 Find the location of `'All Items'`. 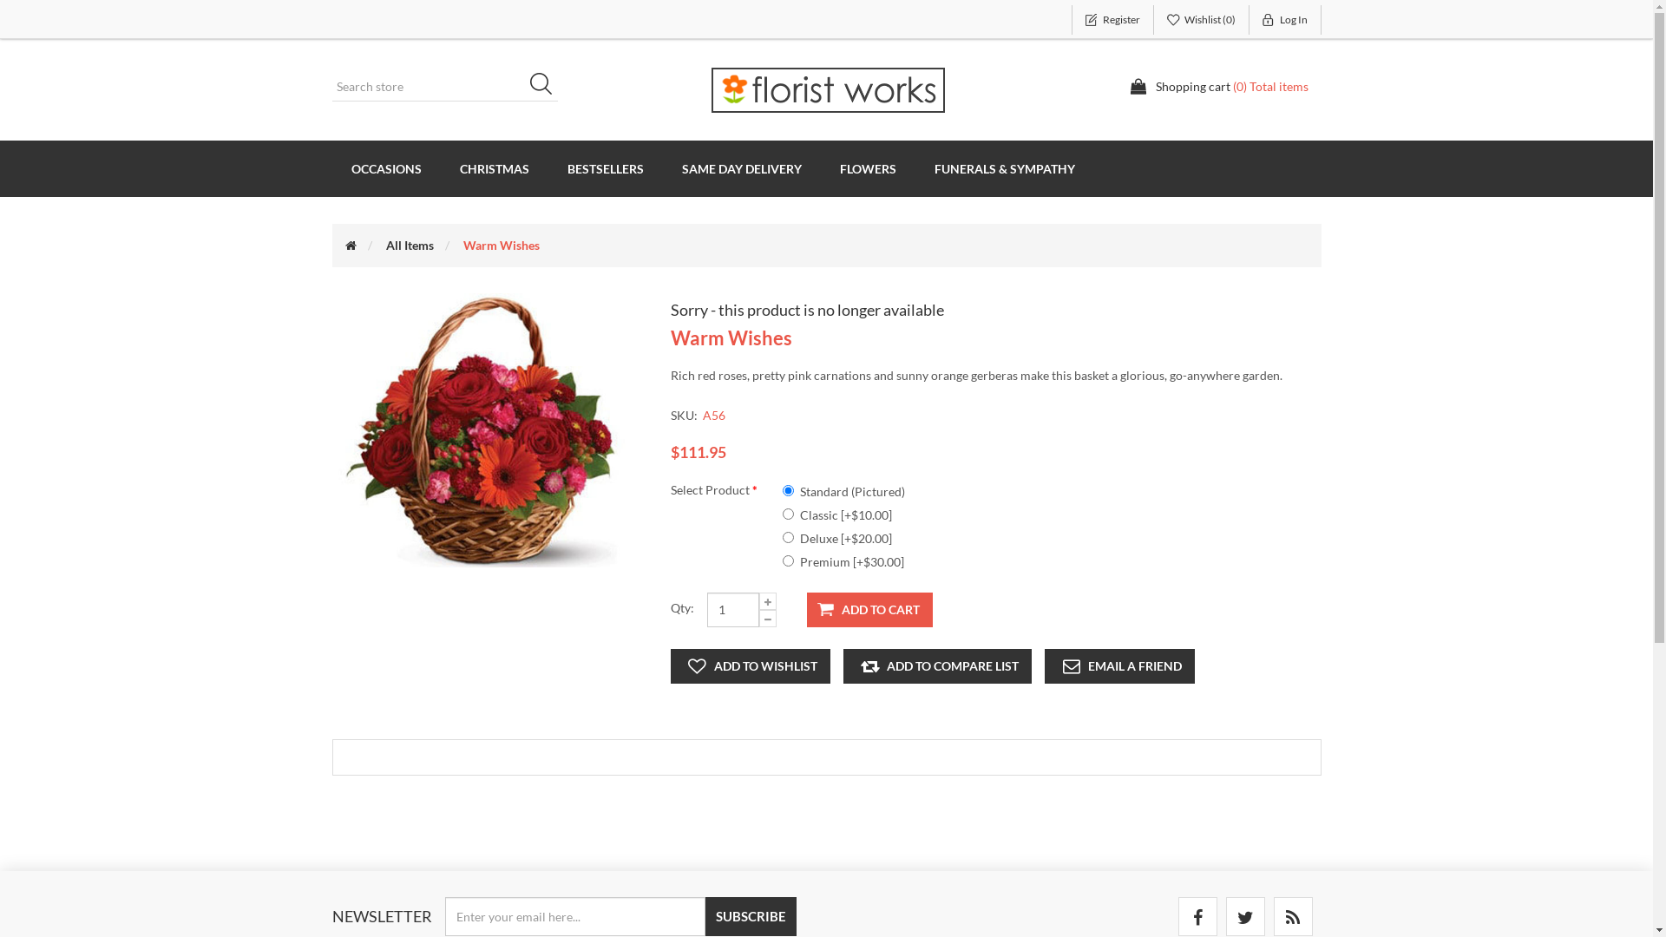

'All Items' is located at coordinates (408, 245).